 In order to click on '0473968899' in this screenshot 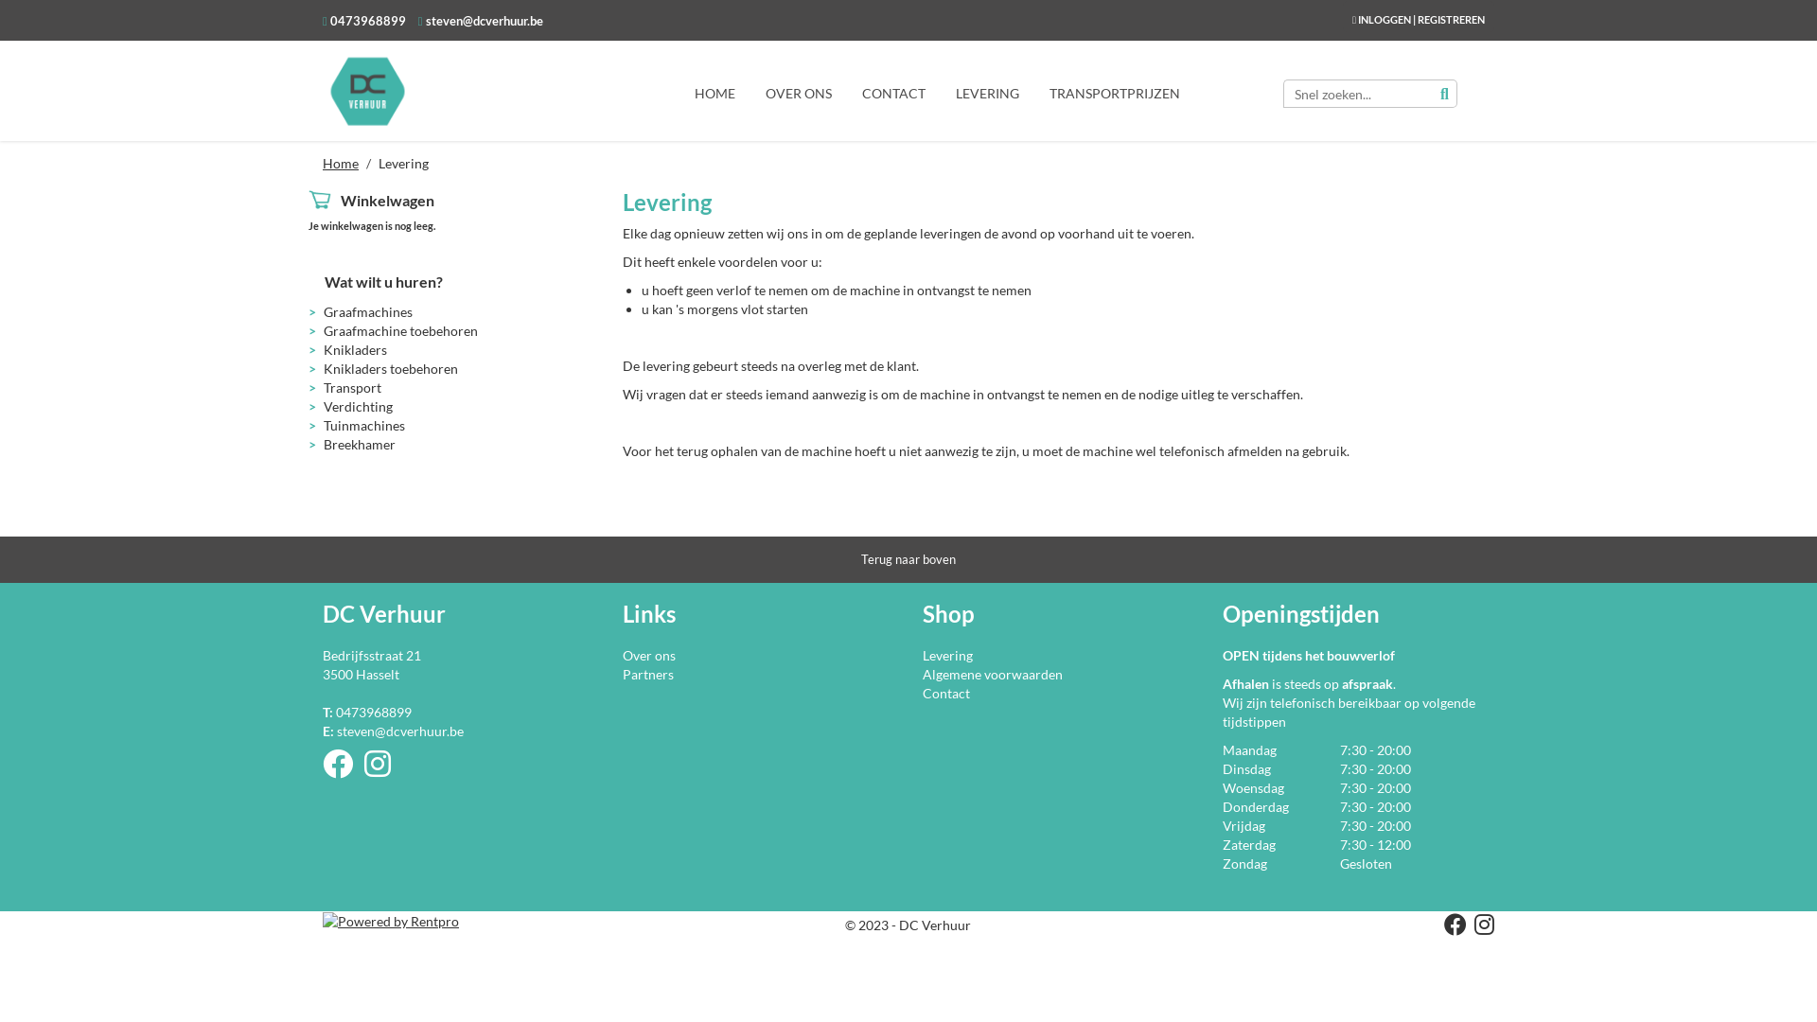, I will do `click(366, 21)`.